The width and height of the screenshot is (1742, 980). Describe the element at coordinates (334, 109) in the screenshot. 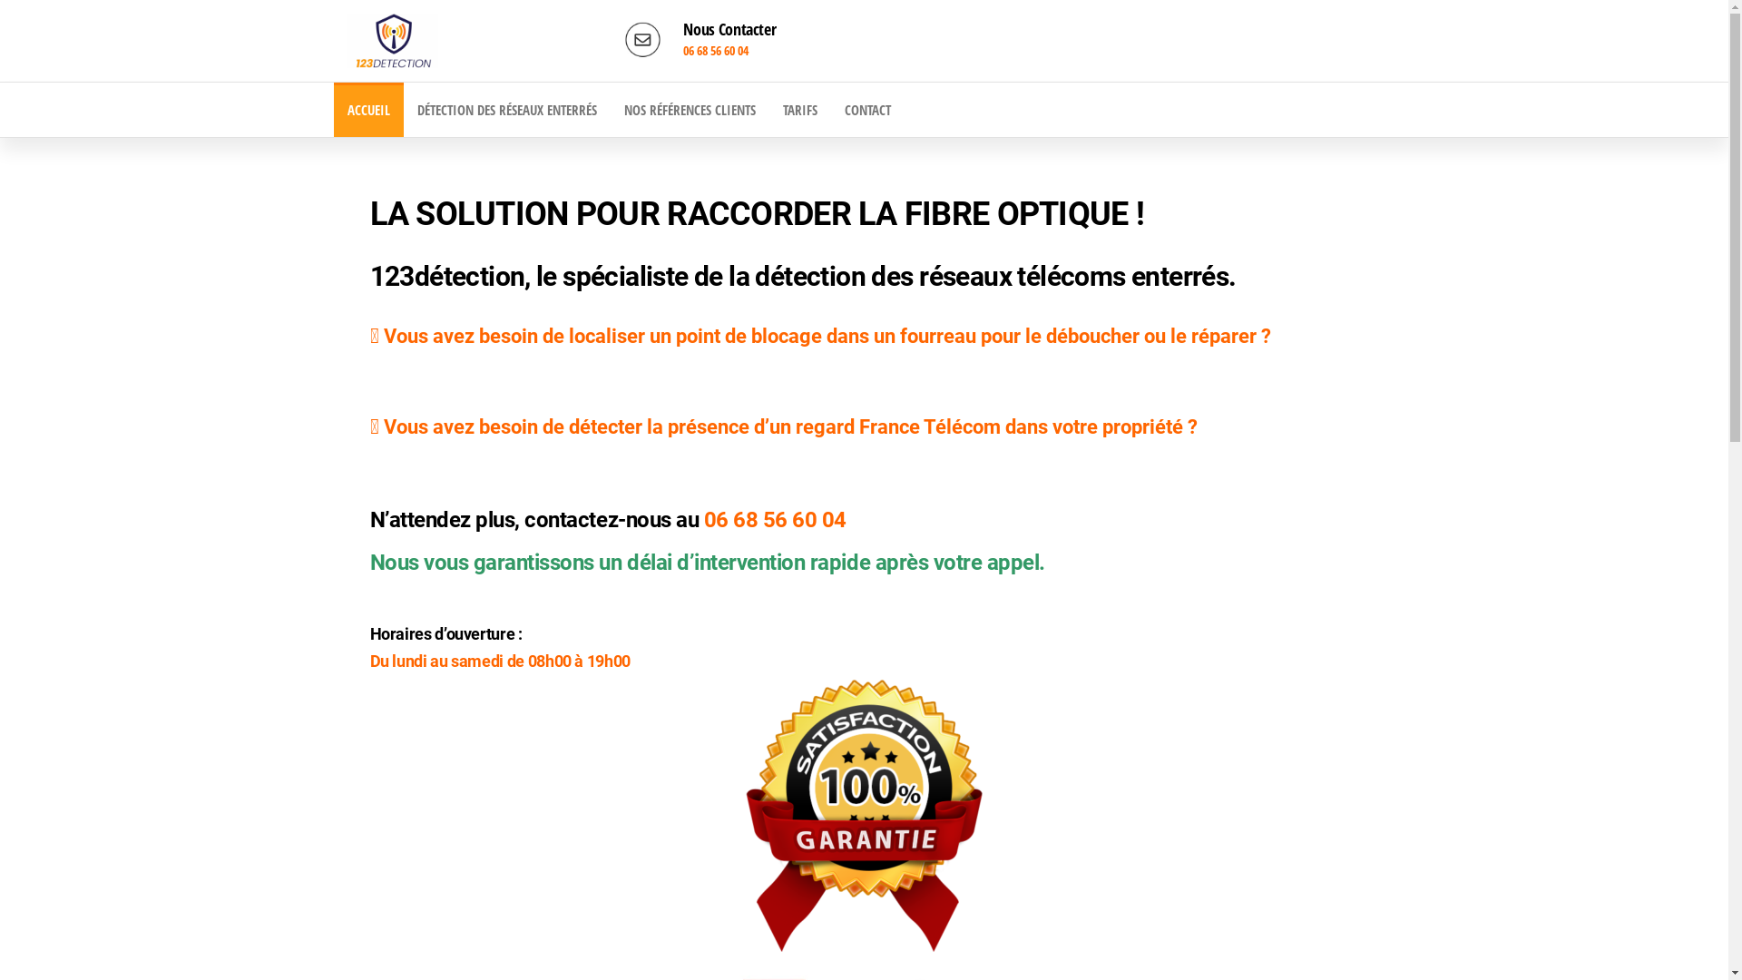

I see `'ACCUEIL'` at that location.